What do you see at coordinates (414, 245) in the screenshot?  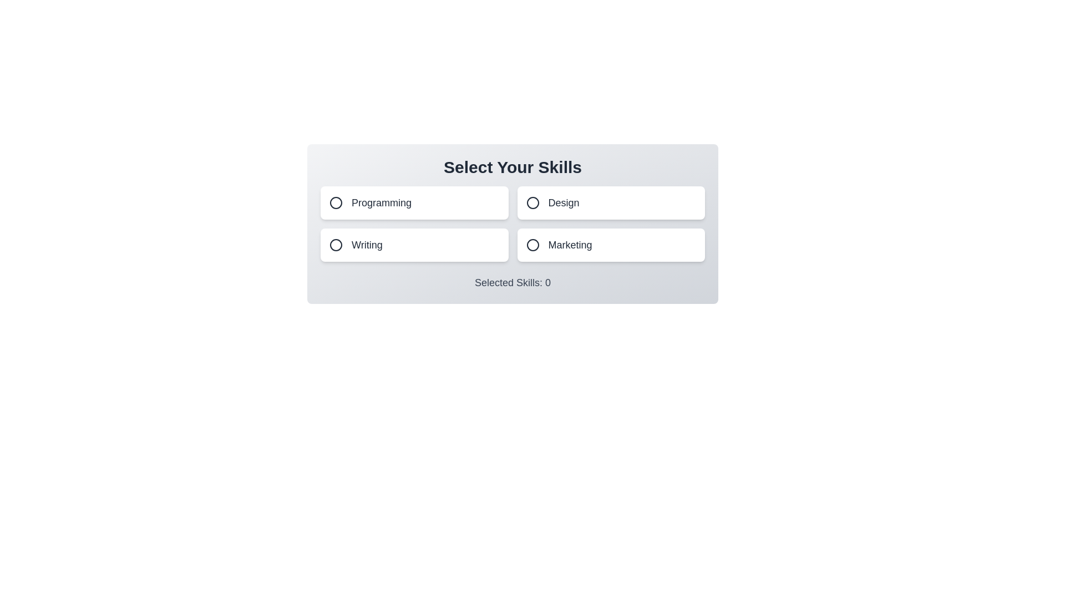 I see `the skill button corresponding to Writing` at bounding box center [414, 245].